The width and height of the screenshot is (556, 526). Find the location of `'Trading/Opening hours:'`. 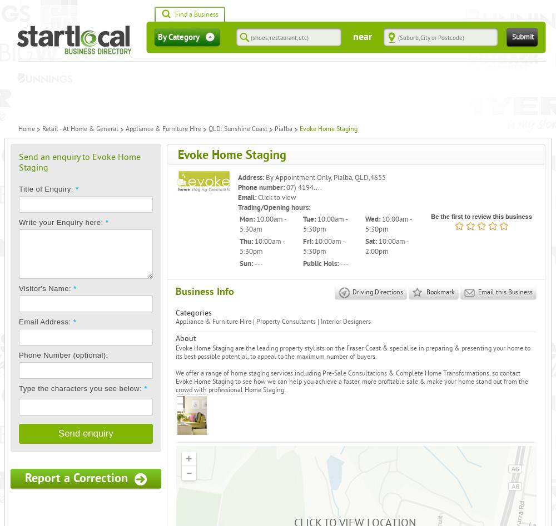

'Trading/Opening hours:' is located at coordinates (274, 207).